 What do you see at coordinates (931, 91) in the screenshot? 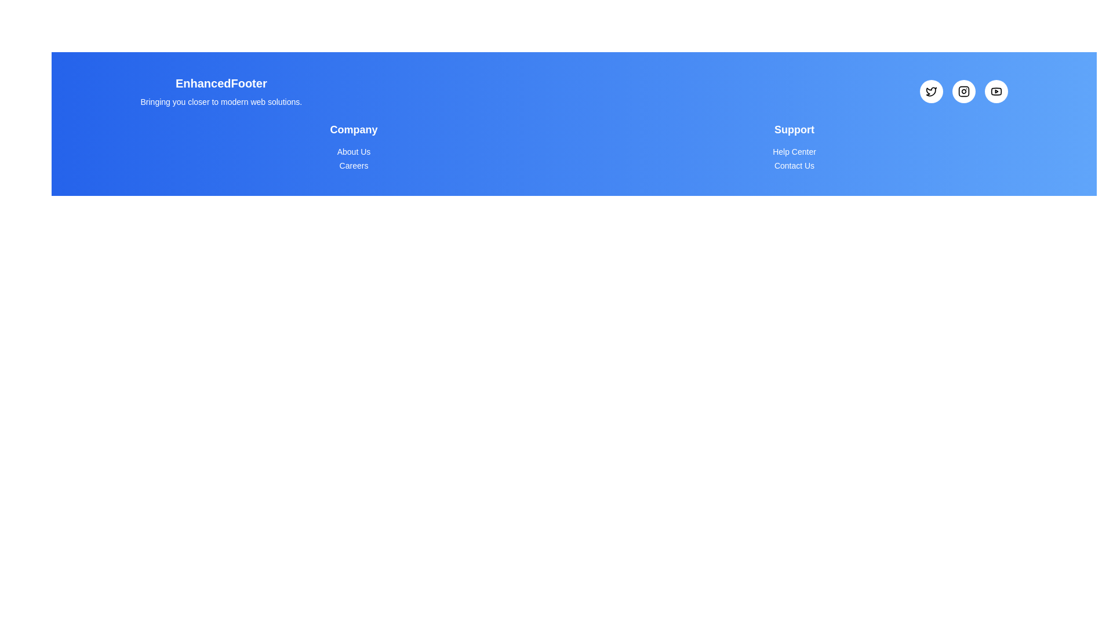
I see `the black Twitter logo icon button located on the right side of the footer section to trigger the tooltip or interaction` at bounding box center [931, 91].